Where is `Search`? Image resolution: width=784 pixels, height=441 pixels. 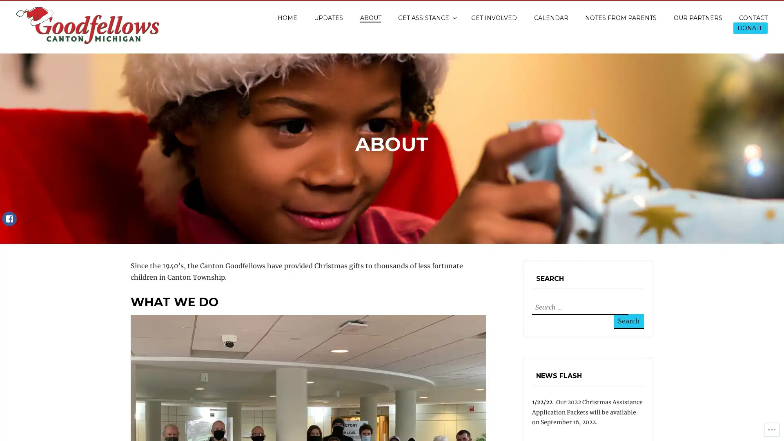 Search is located at coordinates (628, 321).